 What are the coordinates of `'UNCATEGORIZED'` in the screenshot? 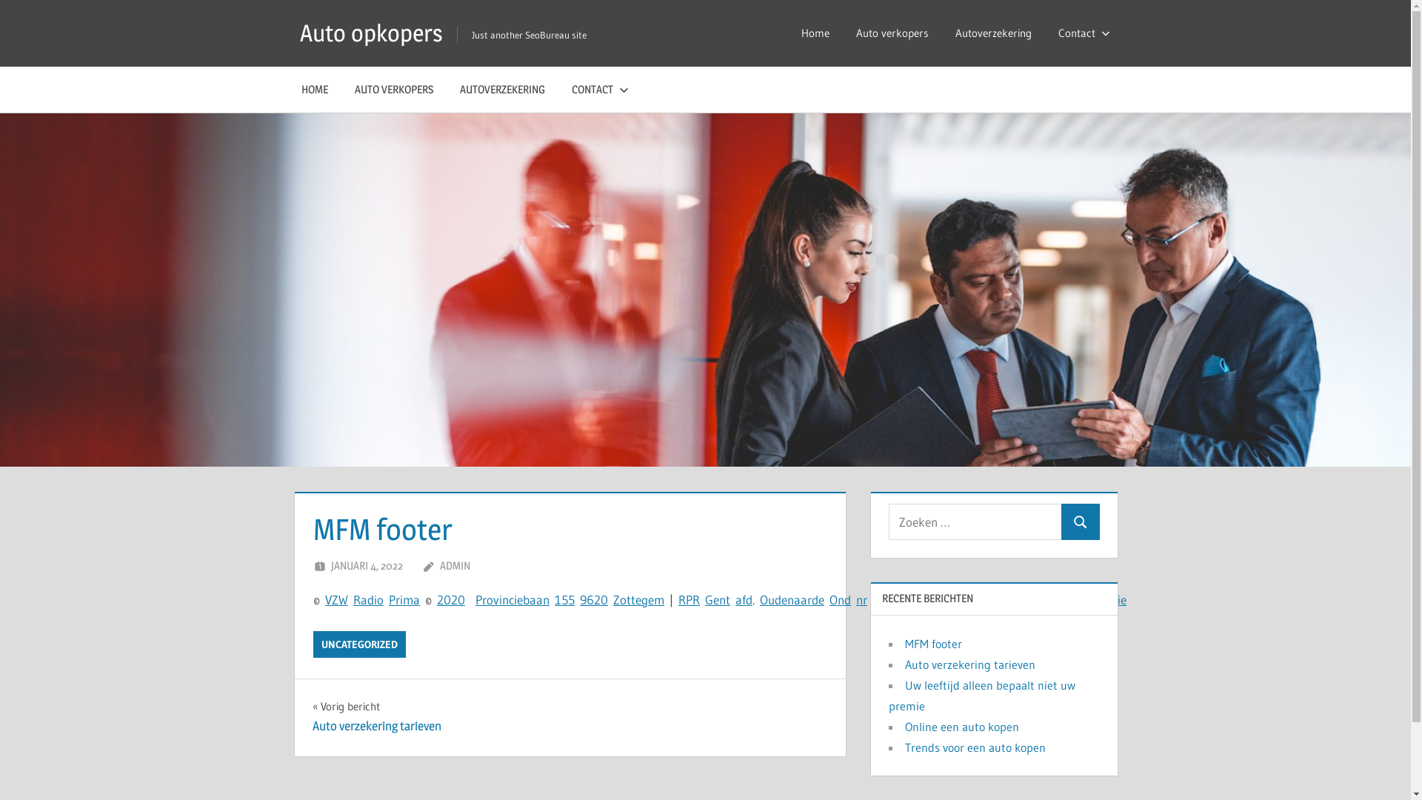 It's located at (359, 644).